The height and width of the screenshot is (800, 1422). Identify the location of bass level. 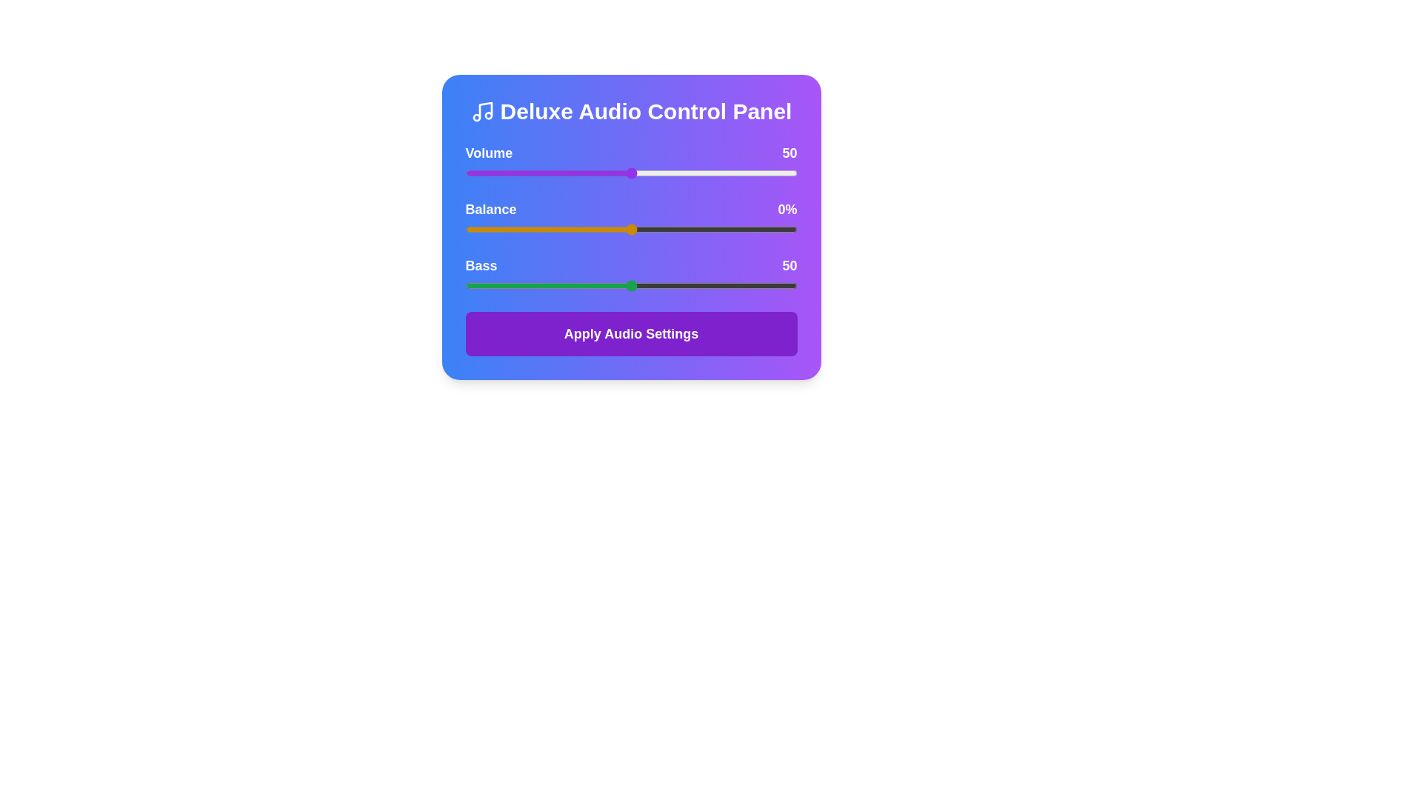
(680, 285).